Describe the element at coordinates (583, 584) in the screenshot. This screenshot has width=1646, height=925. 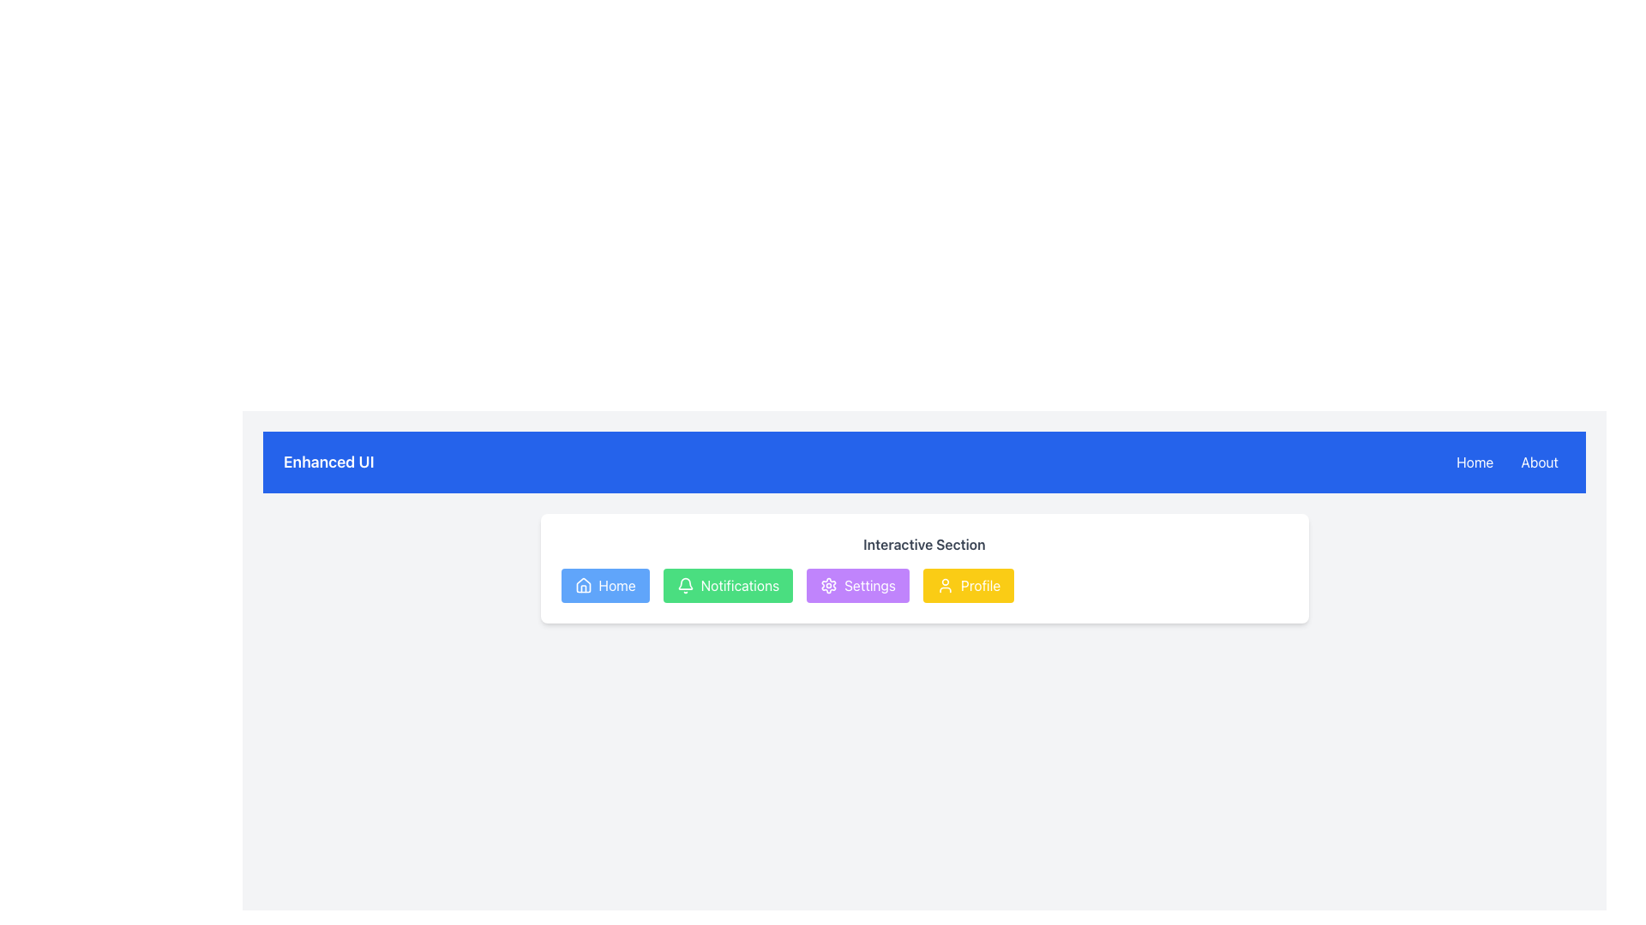
I see `the blue 'Home' button containing the miniature house icon with a triangular roof and vertical lines, located in the top-left area of the interactive section` at that location.